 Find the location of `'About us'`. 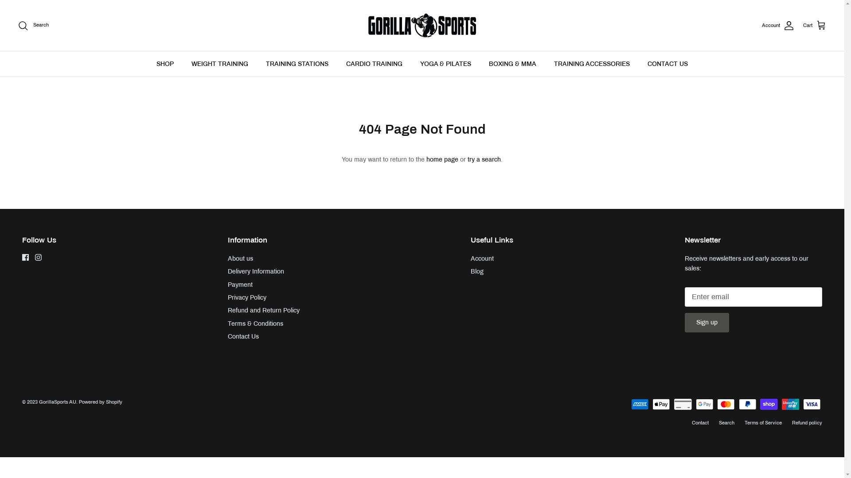

'About us' is located at coordinates (240, 258).